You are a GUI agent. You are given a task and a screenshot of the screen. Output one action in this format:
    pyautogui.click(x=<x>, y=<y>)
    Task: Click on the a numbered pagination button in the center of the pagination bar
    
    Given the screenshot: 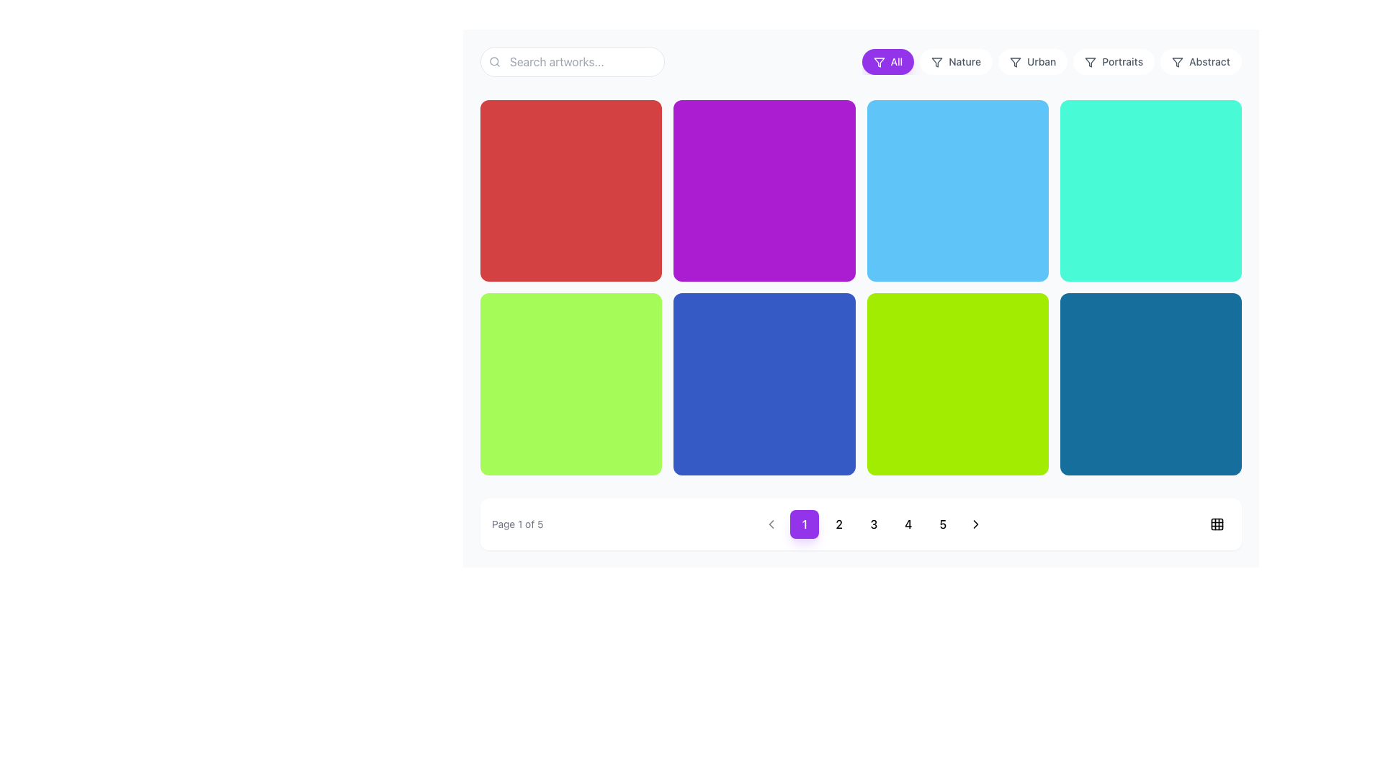 What is the action you would take?
    pyautogui.click(x=861, y=524)
    